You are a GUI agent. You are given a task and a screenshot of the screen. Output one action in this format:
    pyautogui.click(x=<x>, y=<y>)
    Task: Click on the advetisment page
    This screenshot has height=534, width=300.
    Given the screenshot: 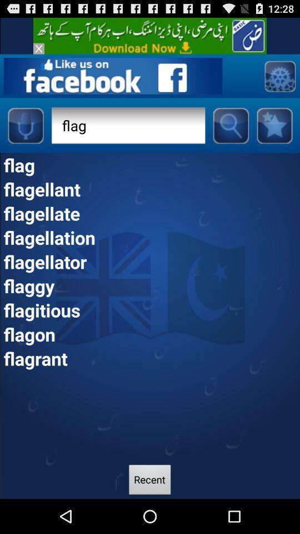 What is the action you would take?
    pyautogui.click(x=279, y=75)
    